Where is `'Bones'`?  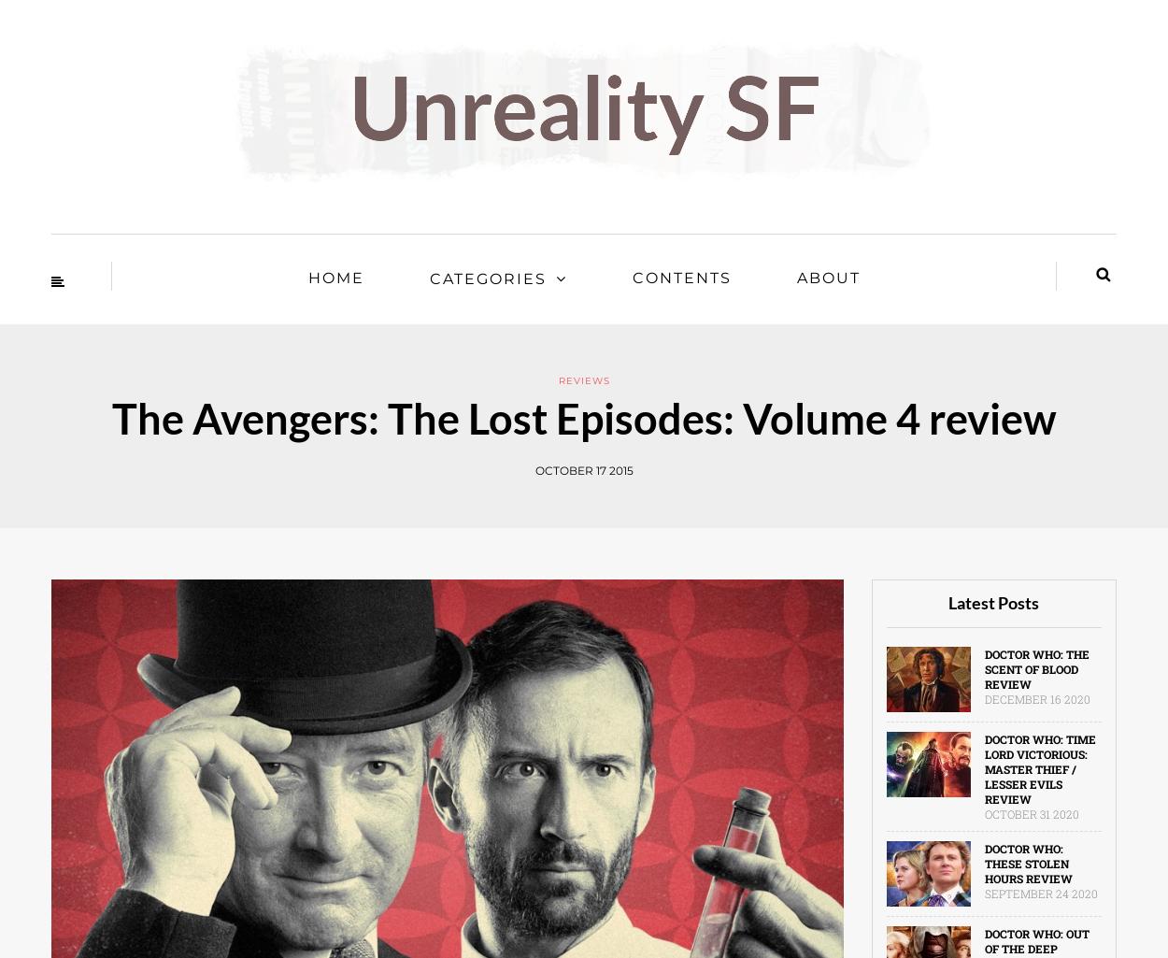 'Bones' is located at coordinates (52, 403).